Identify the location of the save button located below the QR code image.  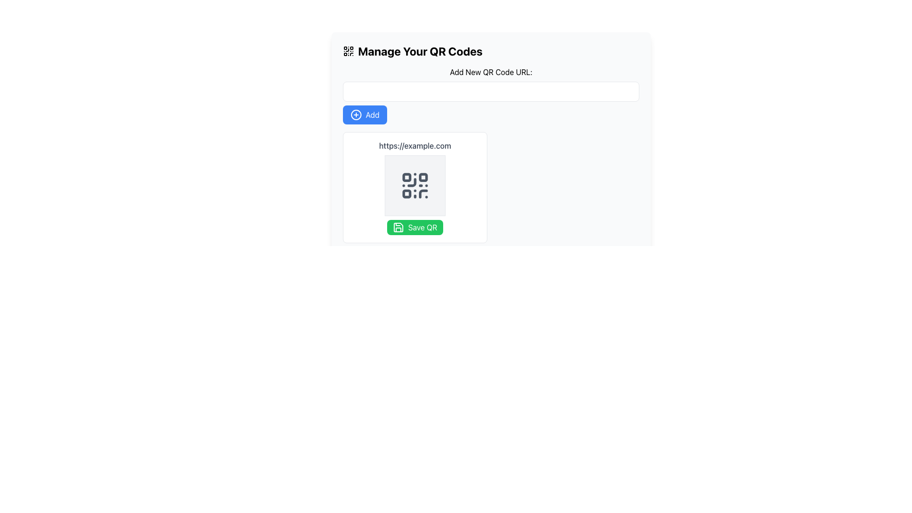
(415, 227).